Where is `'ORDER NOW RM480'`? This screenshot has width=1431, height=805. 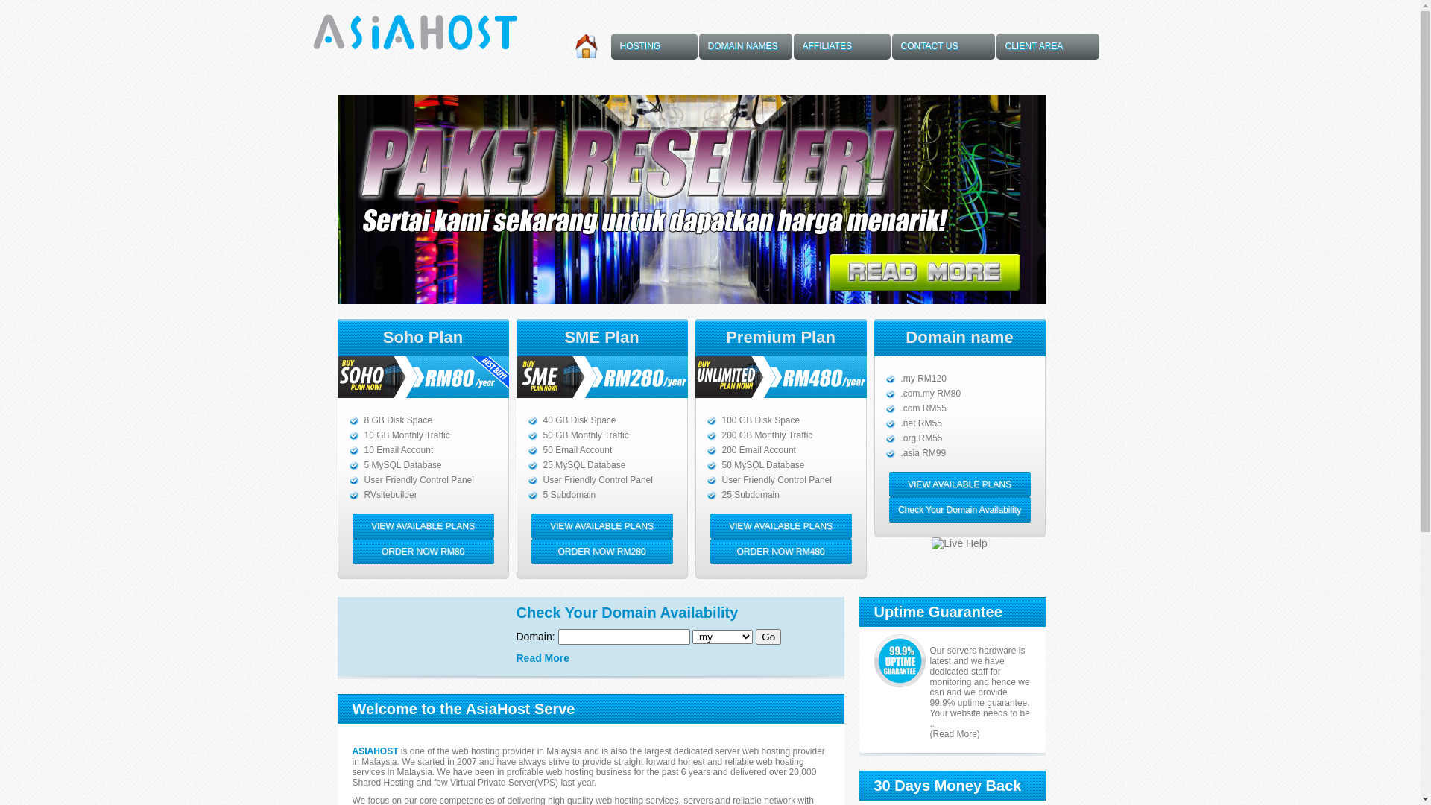 'ORDER NOW RM480' is located at coordinates (708, 552).